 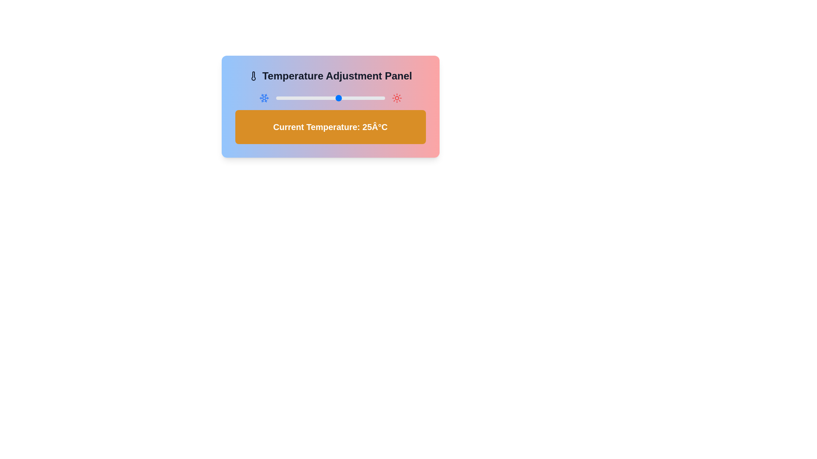 What do you see at coordinates (328, 98) in the screenshot?
I see `the temperature slider to set the temperature to 19°C` at bounding box center [328, 98].